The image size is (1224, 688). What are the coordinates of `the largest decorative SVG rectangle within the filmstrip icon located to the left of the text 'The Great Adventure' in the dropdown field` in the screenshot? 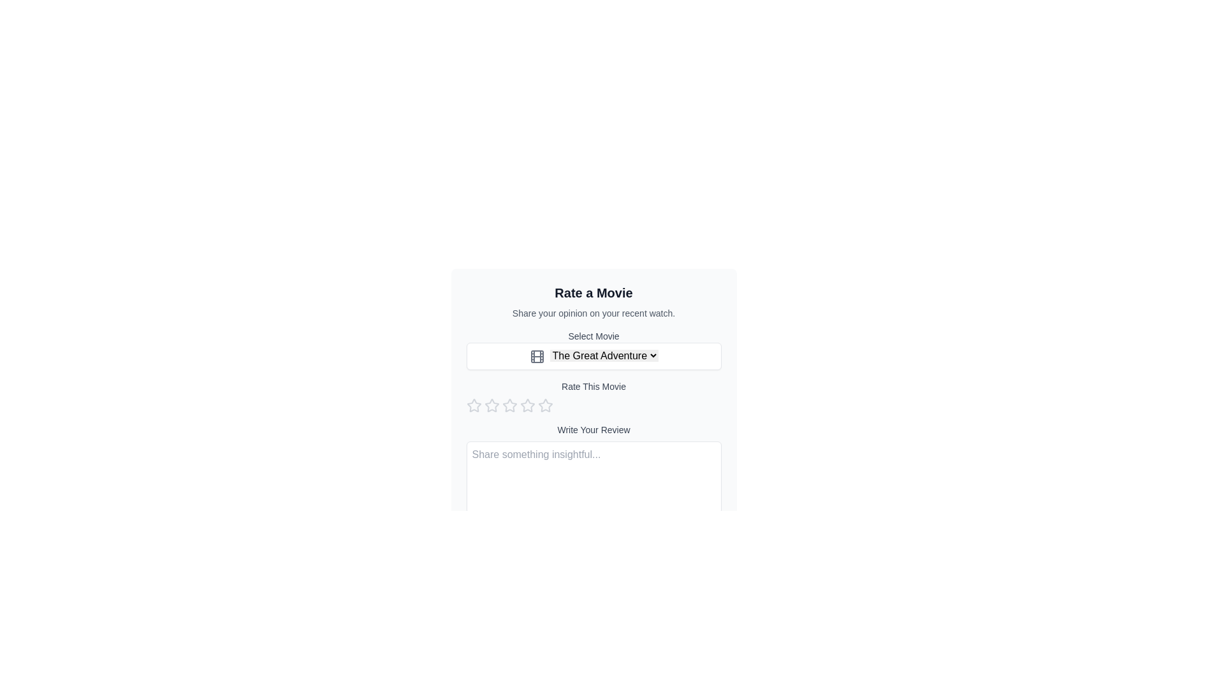 It's located at (537, 356).